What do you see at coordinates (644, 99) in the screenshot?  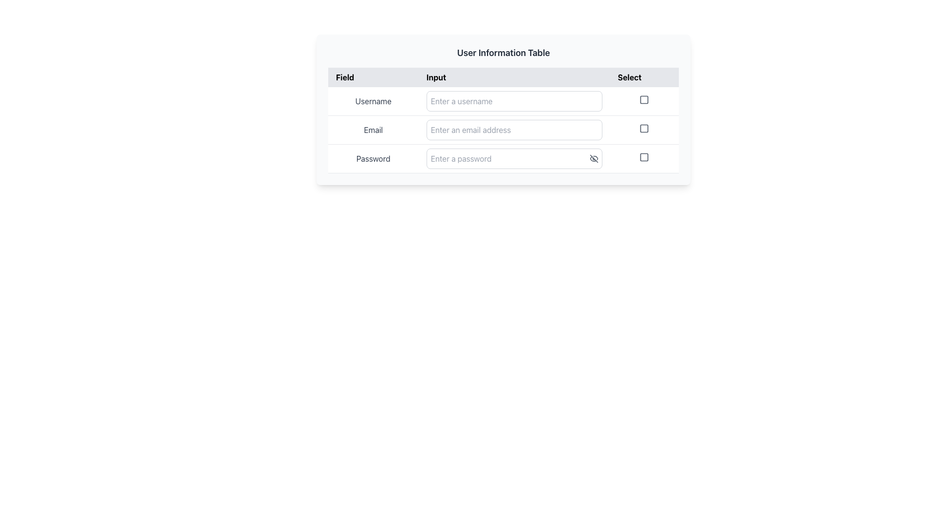 I see `the square checkbox in the 'Select' column of the 'User Information Table'` at bounding box center [644, 99].